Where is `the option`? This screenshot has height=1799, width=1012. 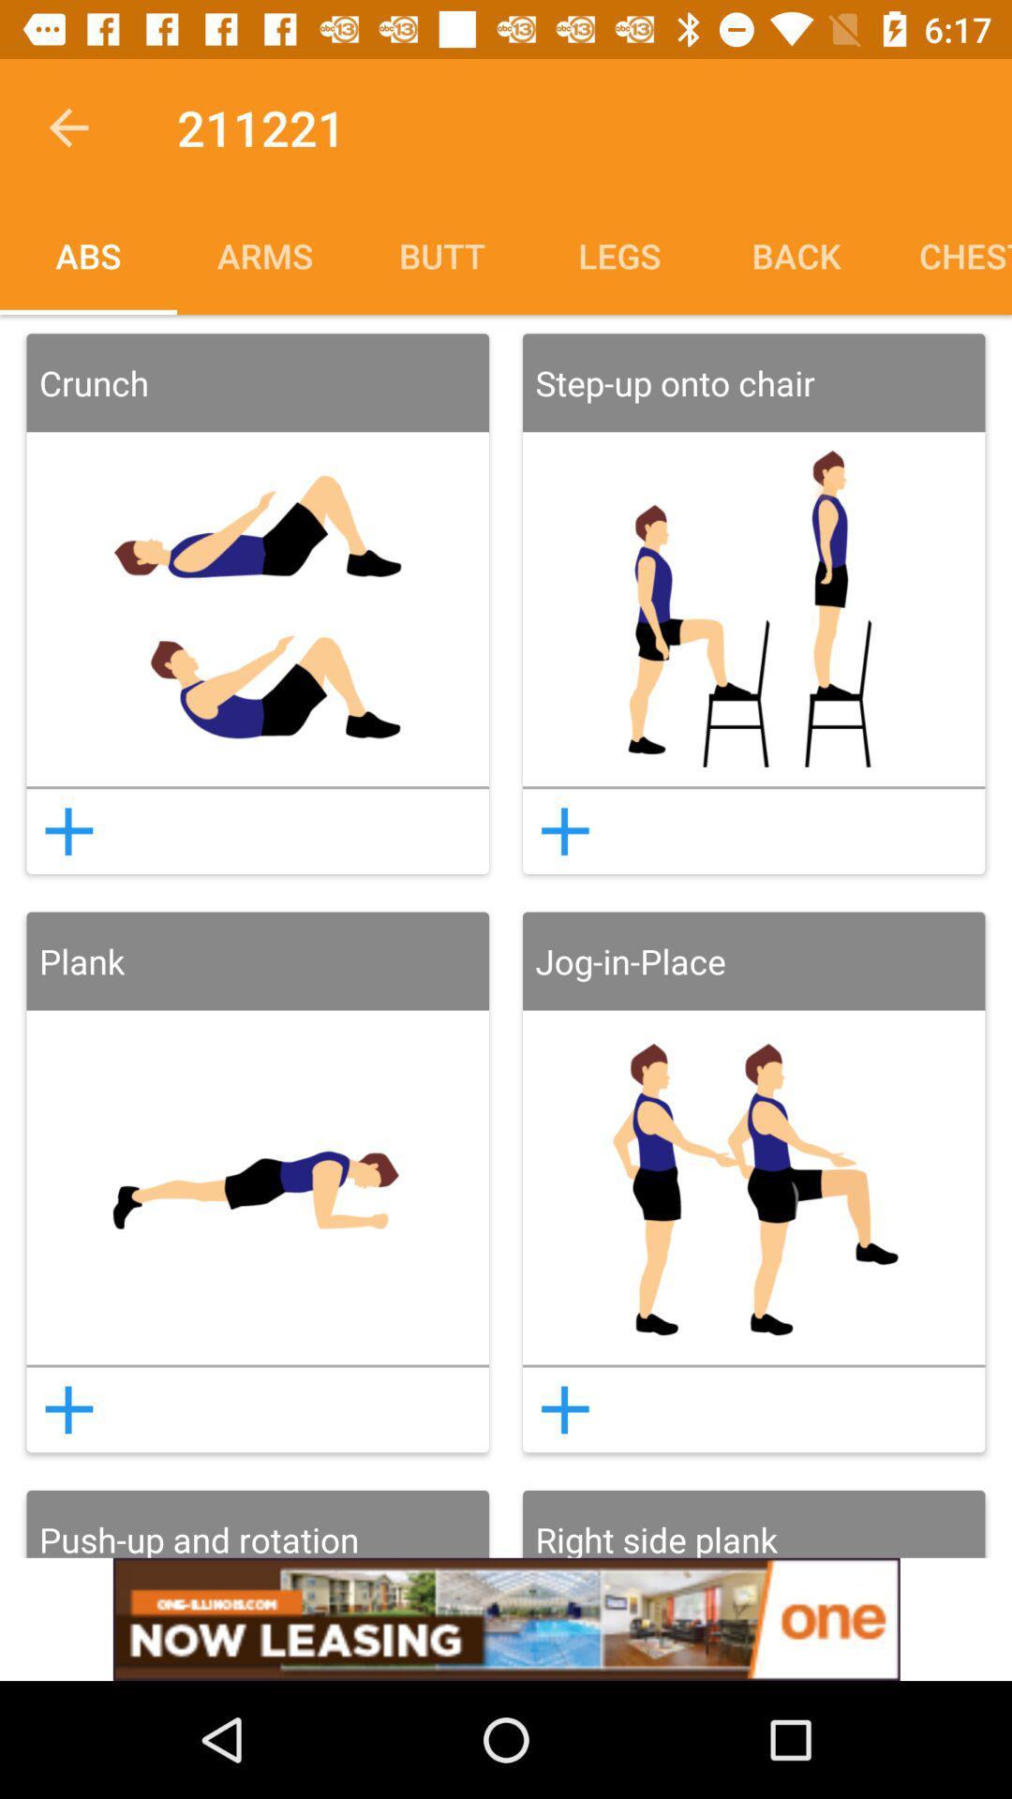
the option is located at coordinates (506, 1618).